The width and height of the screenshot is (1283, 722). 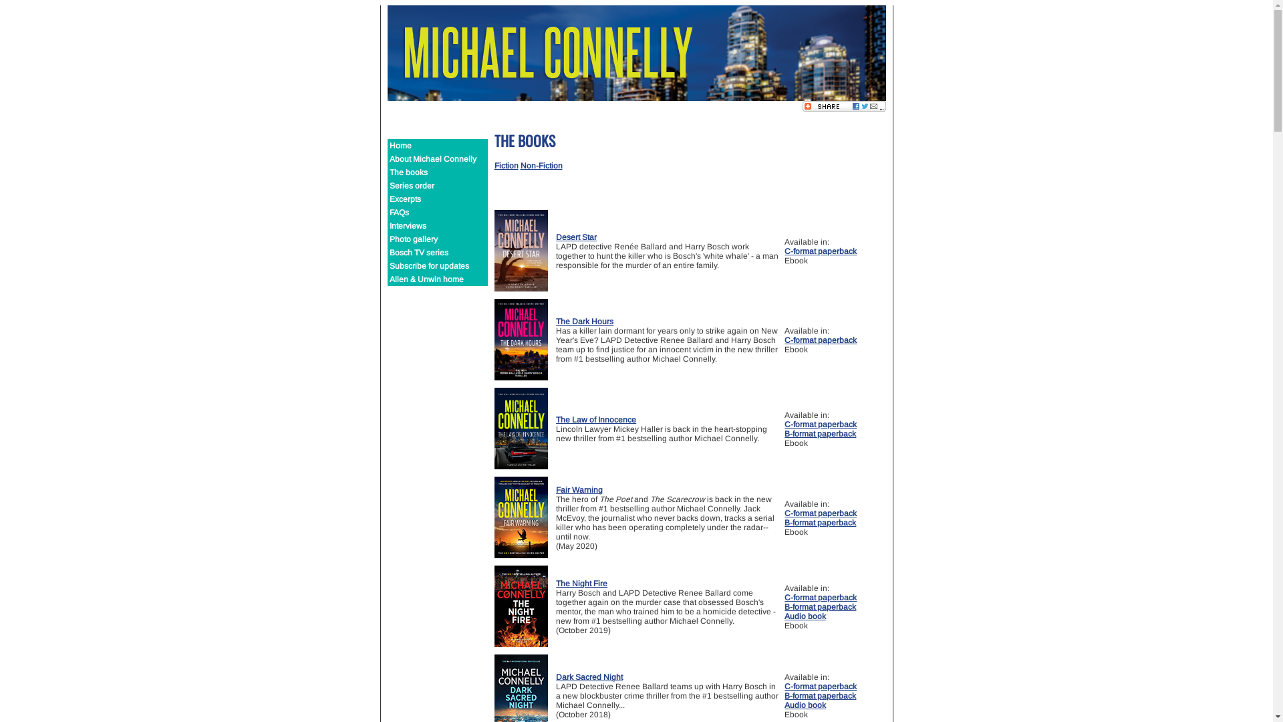 What do you see at coordinates (437, 172) in the screenshot?
I see `'The books'` at bounding box center [437, 172].